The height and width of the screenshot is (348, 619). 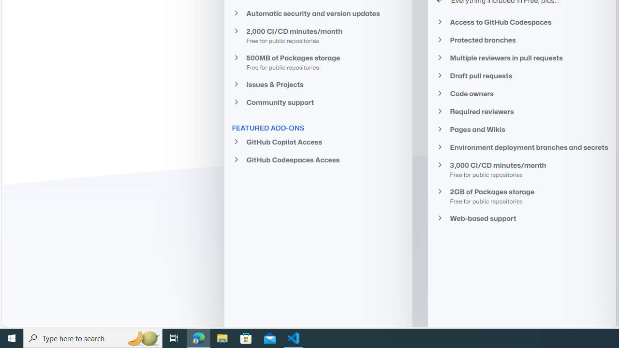 What do you see at coordinates (521, 75) in the screenshot?
I see `'Draft pull requests'` at bounding box center [521, 75].